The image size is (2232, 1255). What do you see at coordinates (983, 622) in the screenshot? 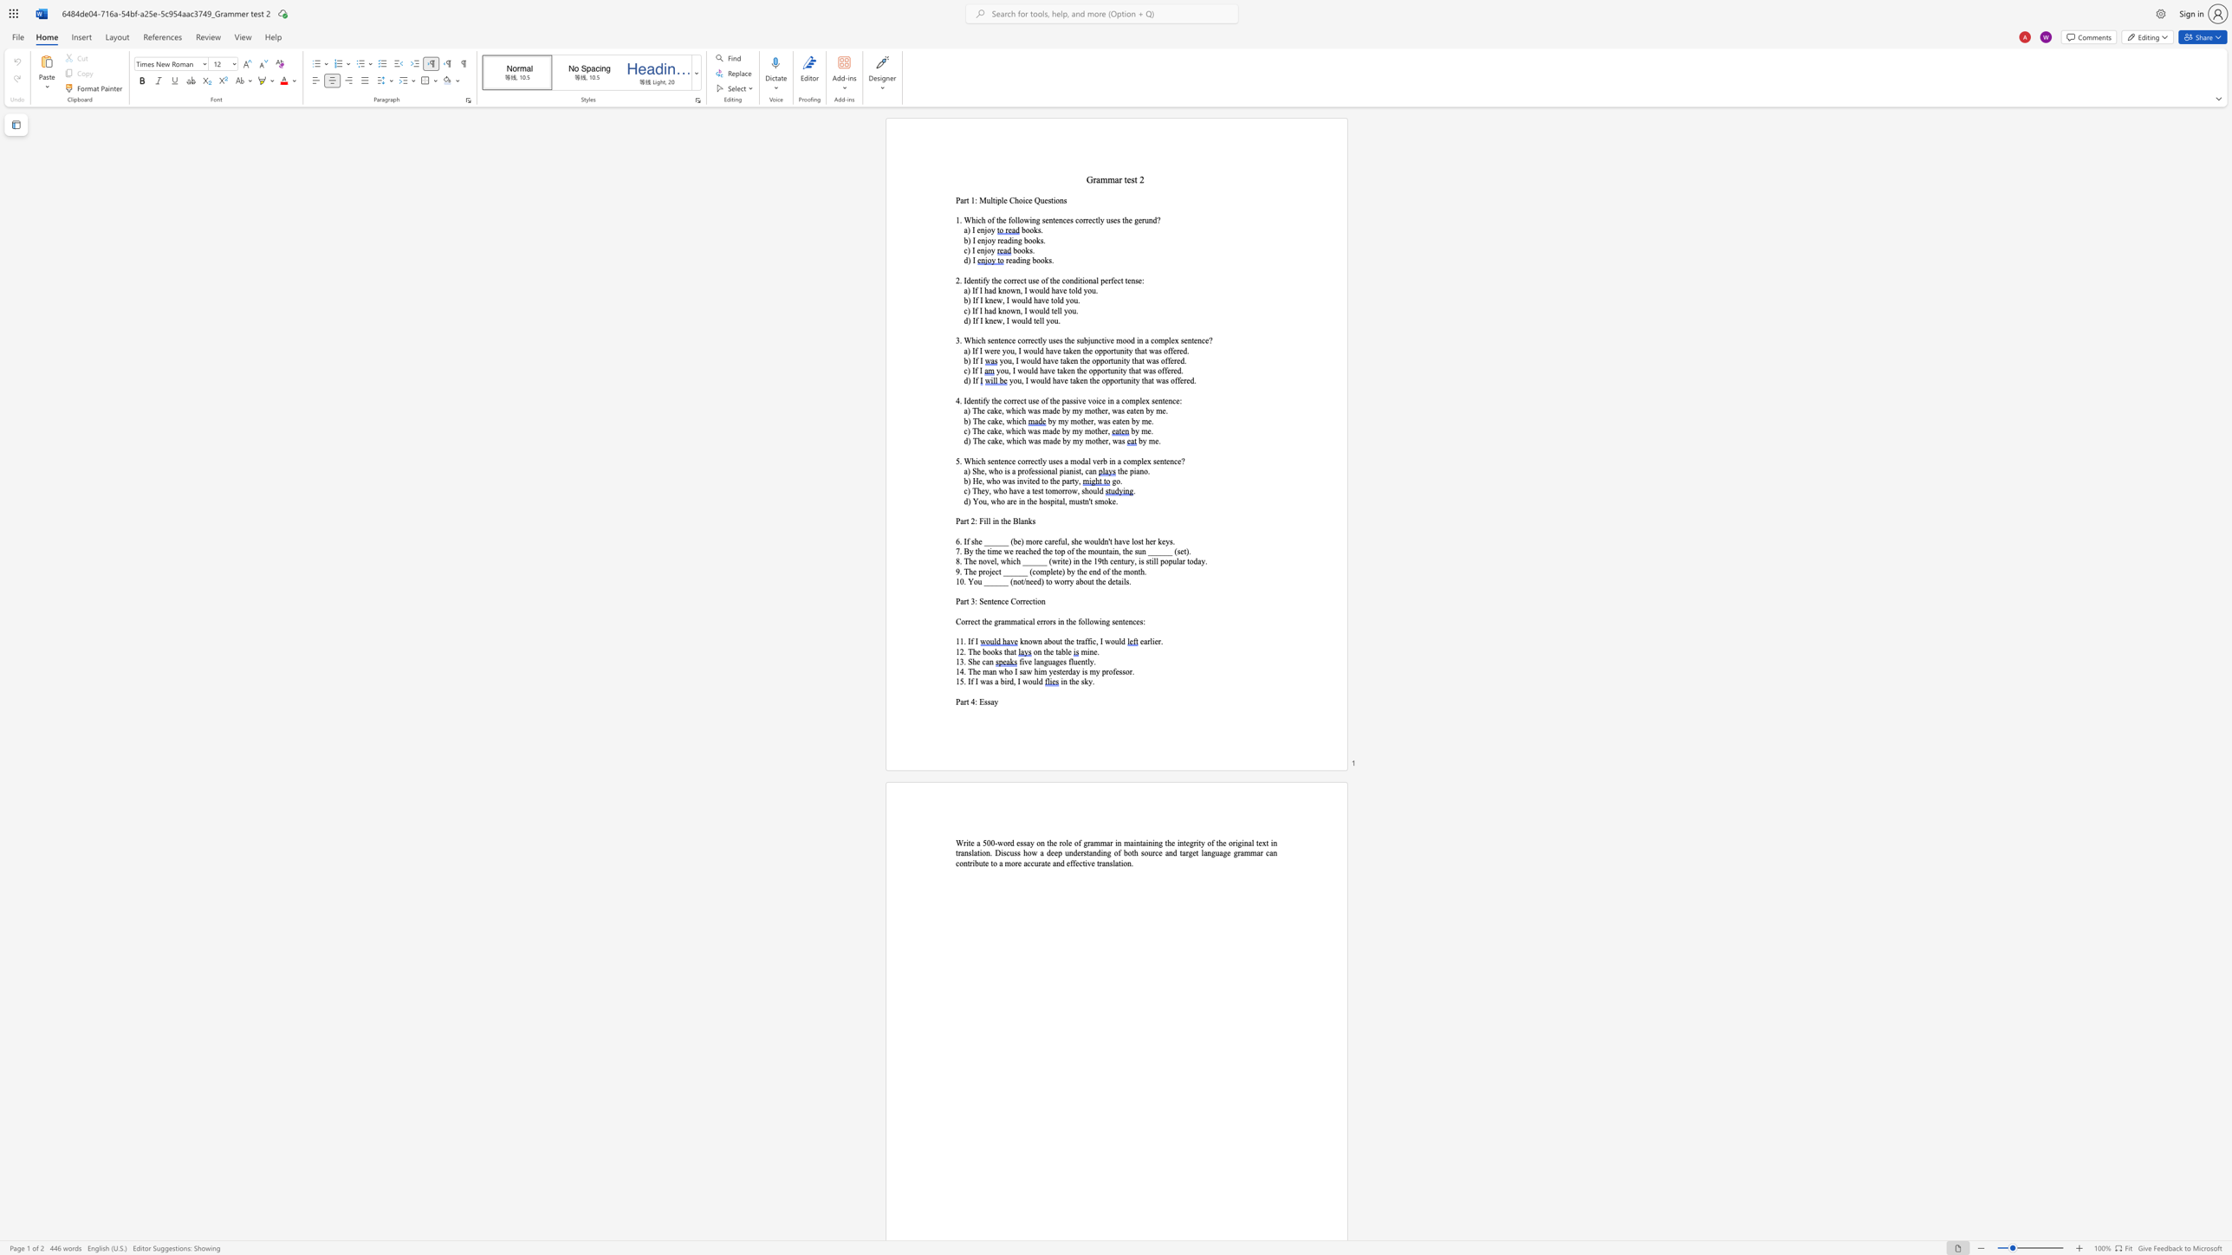
I see `the subset text "he grammati" within the text "Correct the grammatical errors in the following sentences:"` at bounding box center [983, 622].